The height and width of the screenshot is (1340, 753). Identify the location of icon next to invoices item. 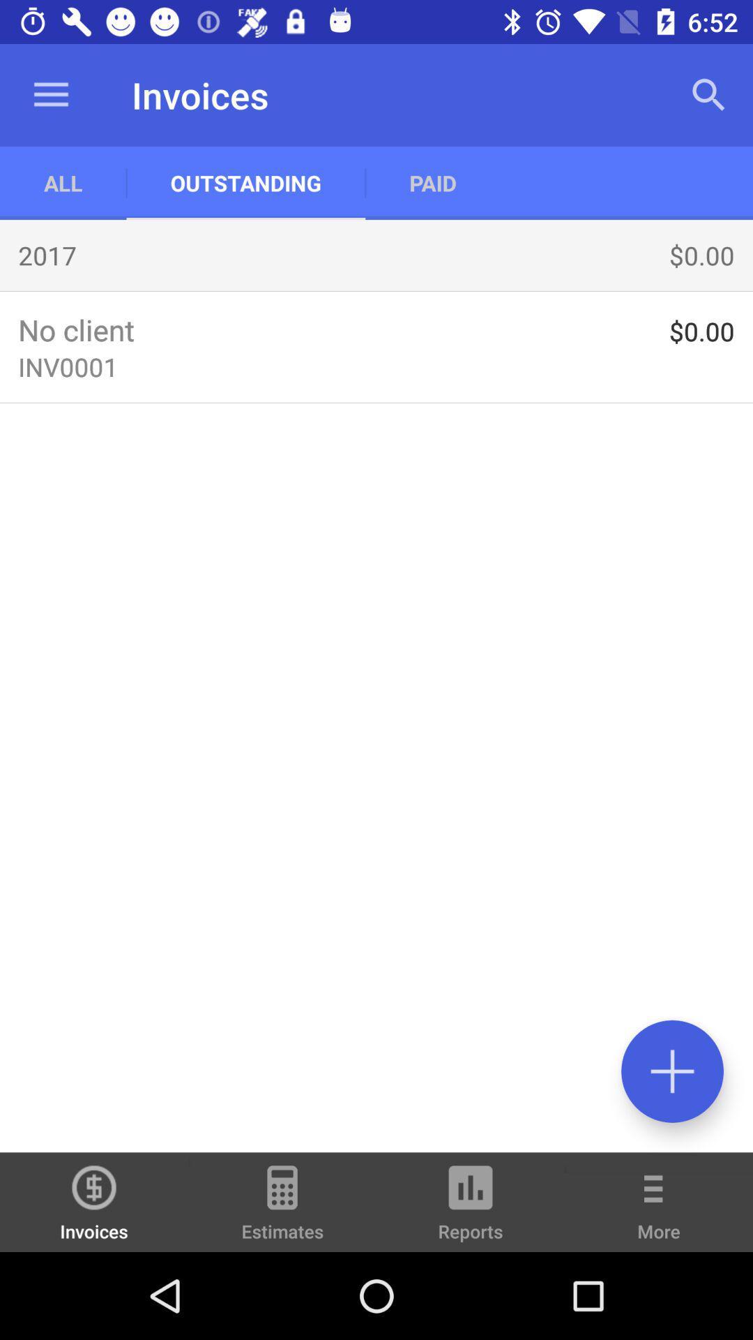
(282, 1208).